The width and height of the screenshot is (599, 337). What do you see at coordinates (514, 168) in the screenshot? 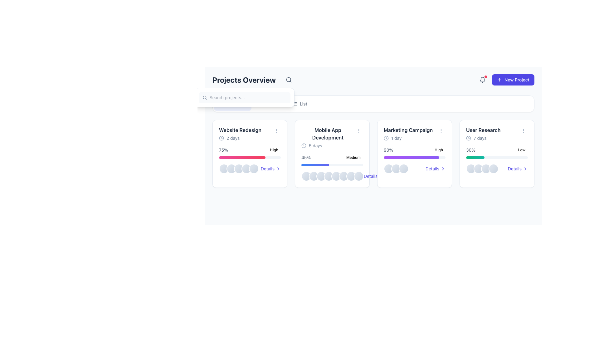
I see `the 'Details' text link with the indigo-colored text and right-chevron icon located at the bottom-right corner of the 'User Research' project card` at bounding box center [514, 168].